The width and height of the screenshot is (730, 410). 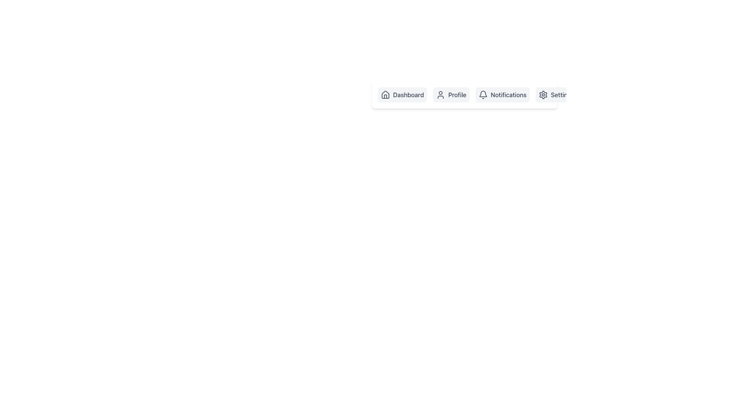 What do you see at coordinates (464, 95) in the screenshot?
I see `the 'Profile' option in the Horizontal Navigation Menu` at bounding box center [464, 95].